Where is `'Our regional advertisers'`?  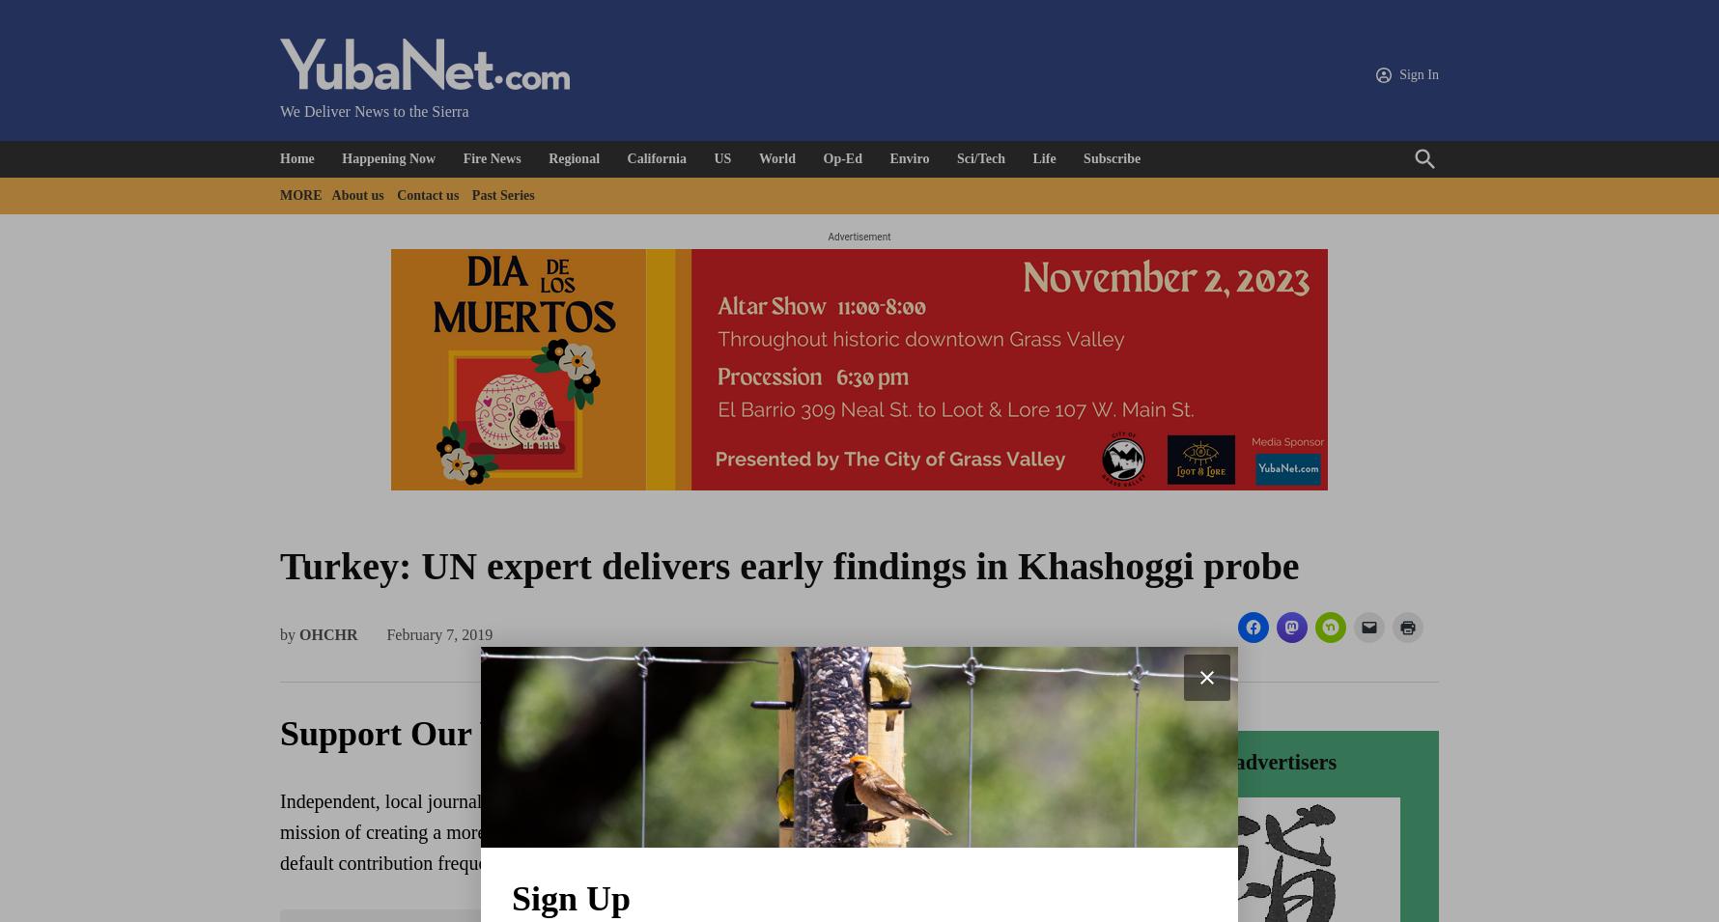 'Our regional advertisers' is located at coordinates (1110, 760).